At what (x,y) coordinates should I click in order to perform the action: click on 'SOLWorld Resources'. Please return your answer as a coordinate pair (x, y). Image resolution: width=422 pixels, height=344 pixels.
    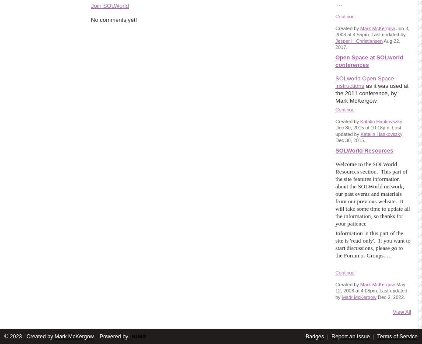
    Looking at the image, I should click on (363, 149).